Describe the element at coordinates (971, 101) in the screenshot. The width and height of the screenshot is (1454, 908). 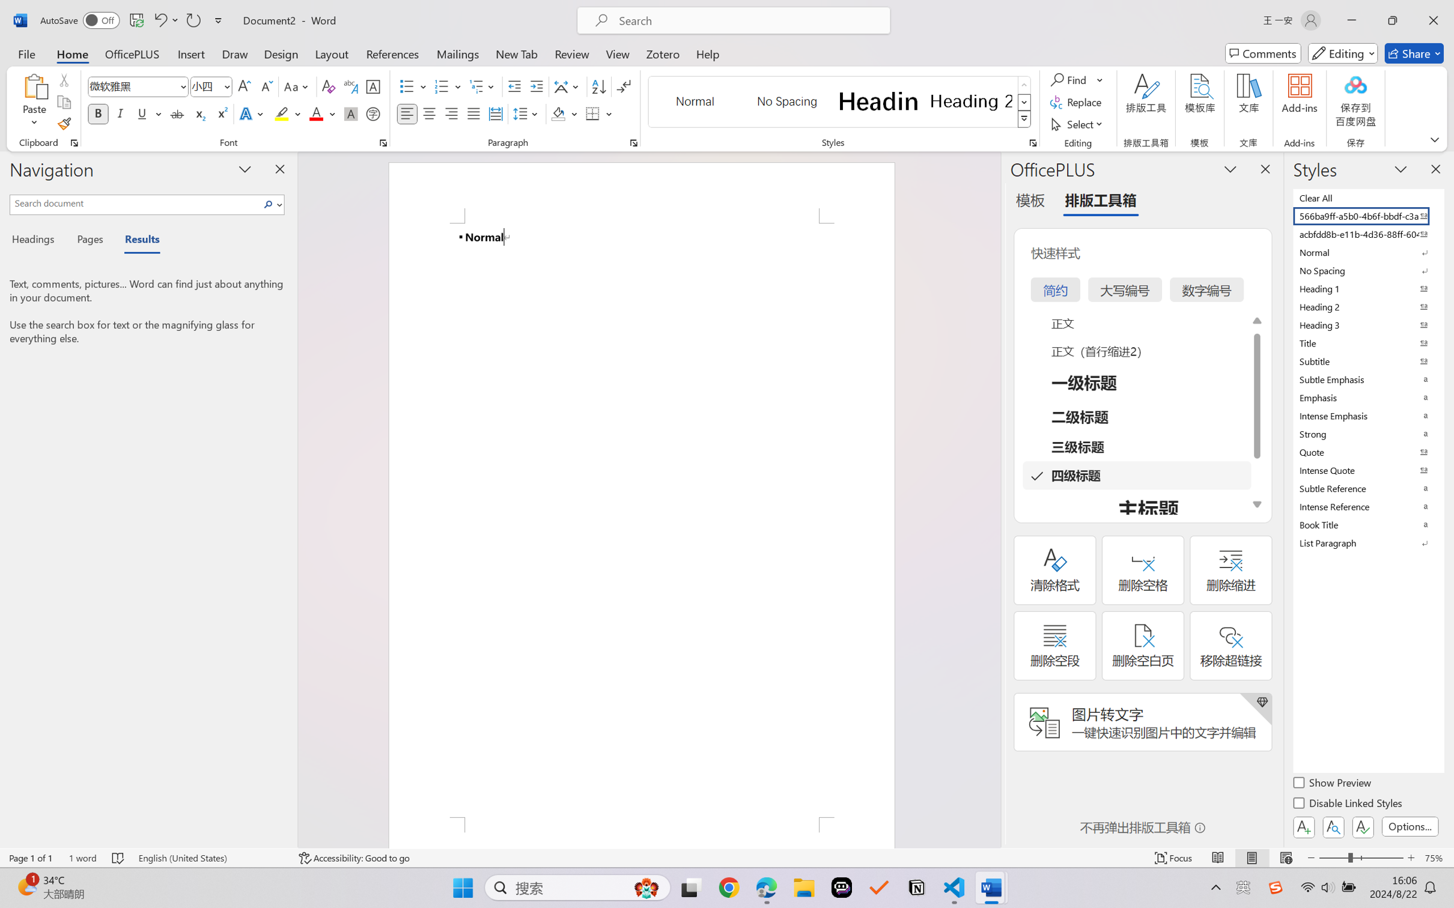
I see `'Heading 2'` at that location.